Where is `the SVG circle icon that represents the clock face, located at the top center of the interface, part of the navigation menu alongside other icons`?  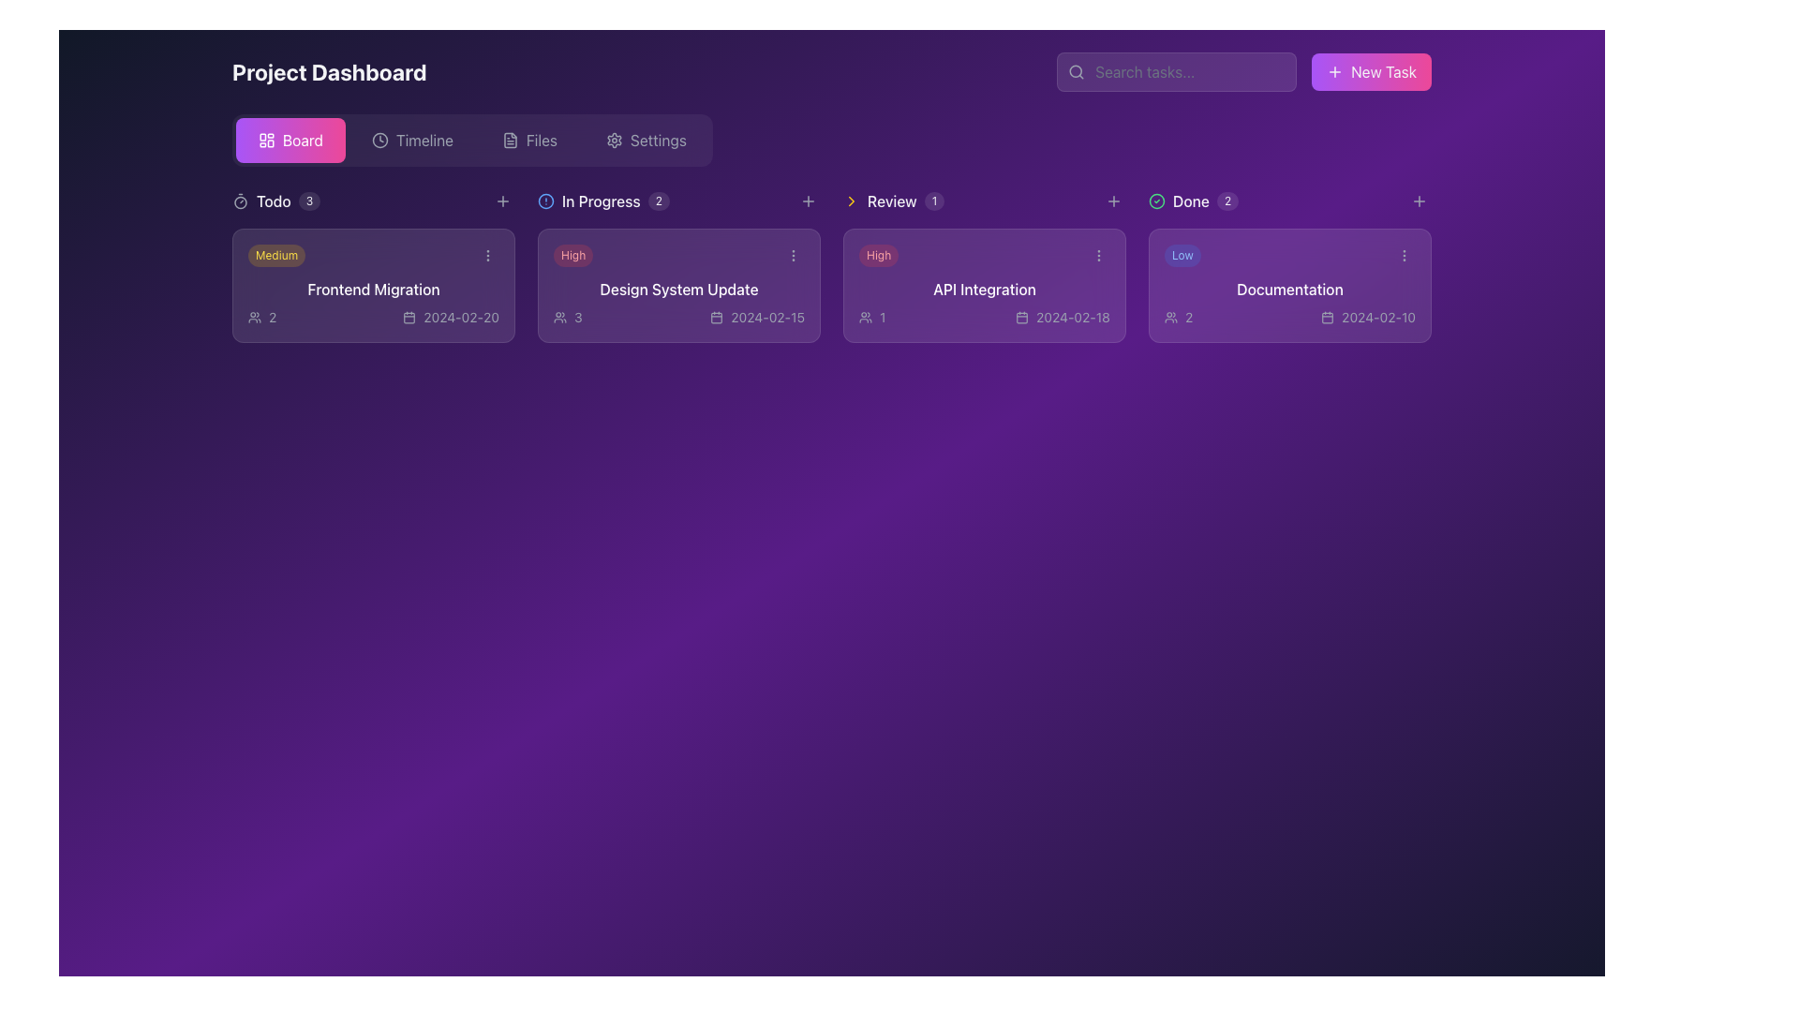 the SVG circle icon that represents the clock face, located at the top center of the interface, part of the navigation menu alongside other icons is located at coordinates (379, 140).